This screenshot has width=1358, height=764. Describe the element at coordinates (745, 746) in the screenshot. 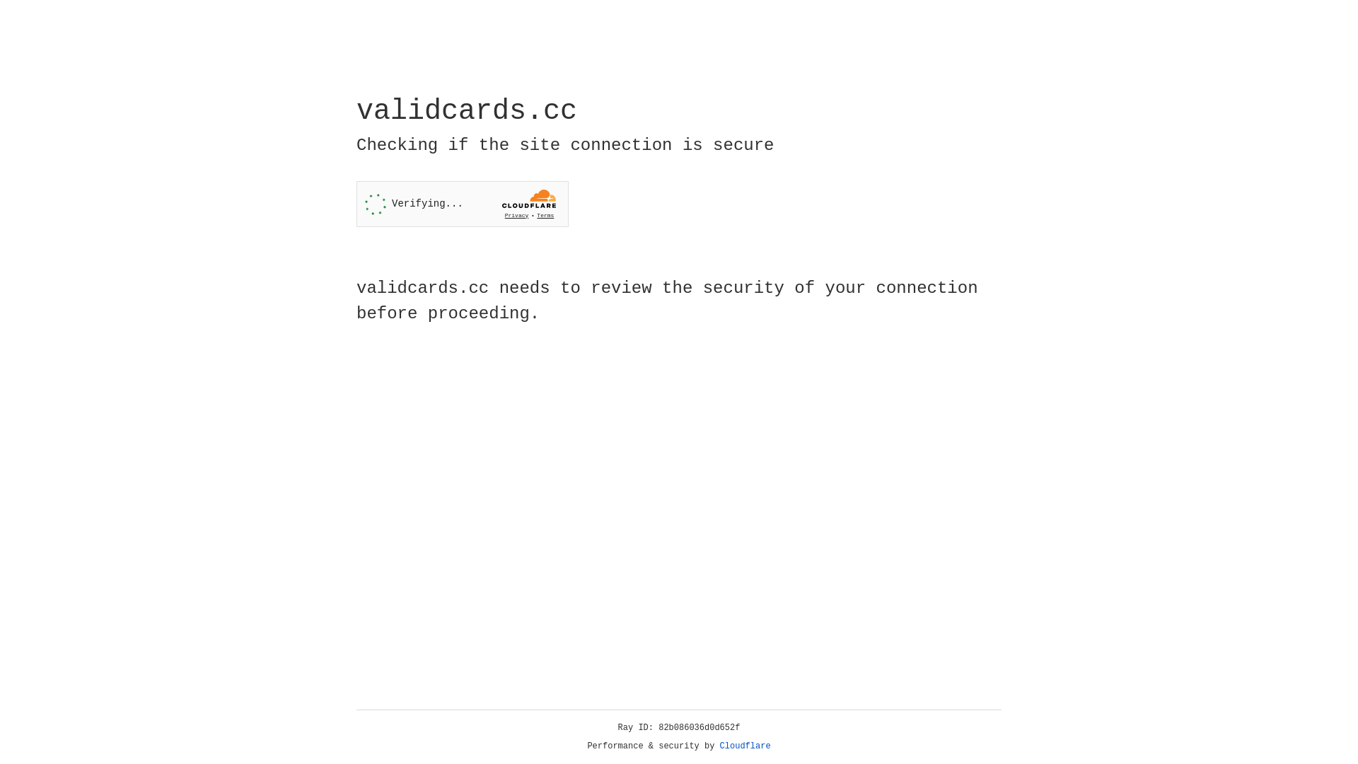

I see `'Cloudflare'` at that location.